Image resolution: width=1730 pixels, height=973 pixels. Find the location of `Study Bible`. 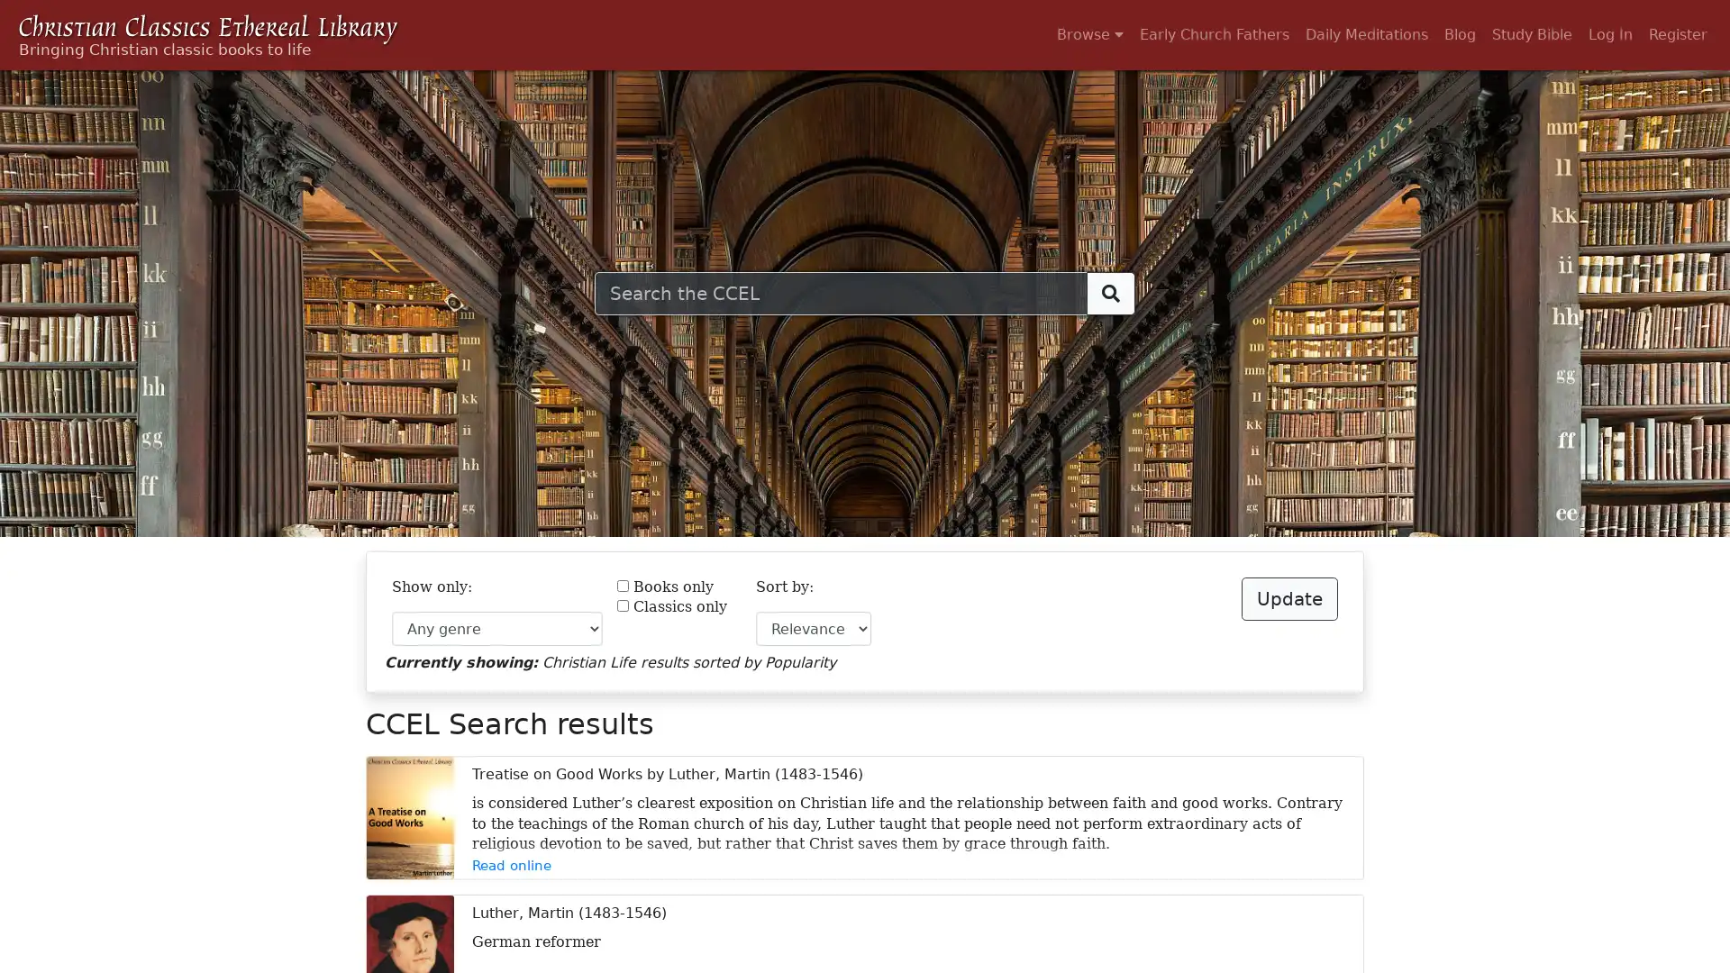

Study Bible is located at coordinates (1531, 34).